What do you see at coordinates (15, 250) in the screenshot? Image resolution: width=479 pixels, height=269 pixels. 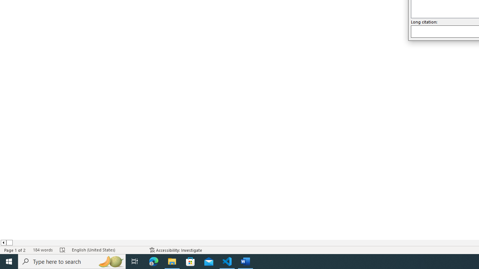 I see `'Page Number Page 1 of 2'` at bounding box center [15, 250].